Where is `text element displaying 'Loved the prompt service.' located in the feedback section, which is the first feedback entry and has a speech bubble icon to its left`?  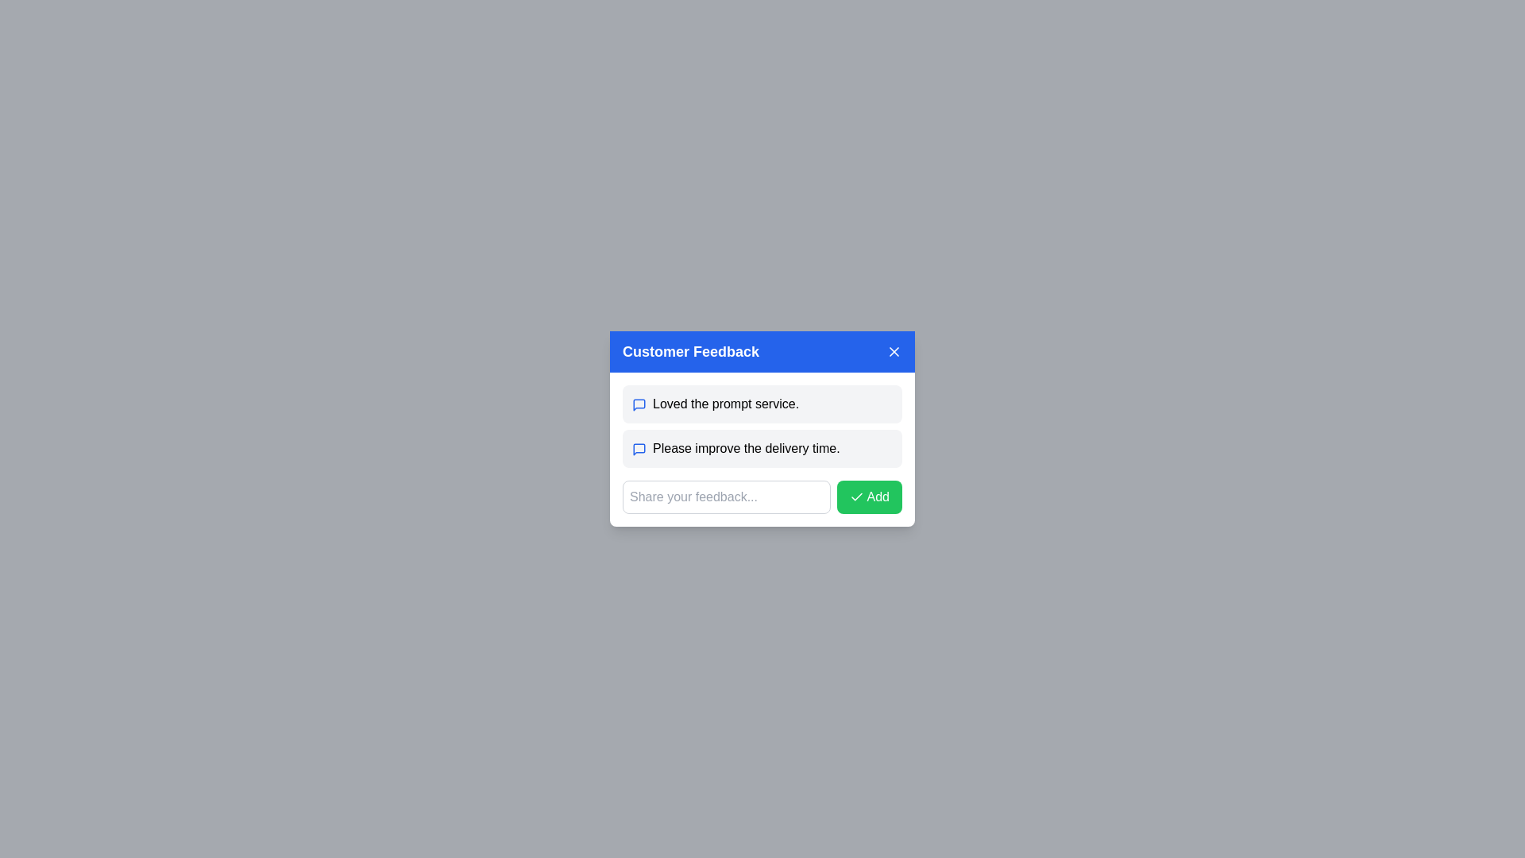 text element displaying 'Loved the prompt service.' located in the feedback section, which is the first feedback entry and has a speech bubble icon to its left is located at coordinates (725, 404).